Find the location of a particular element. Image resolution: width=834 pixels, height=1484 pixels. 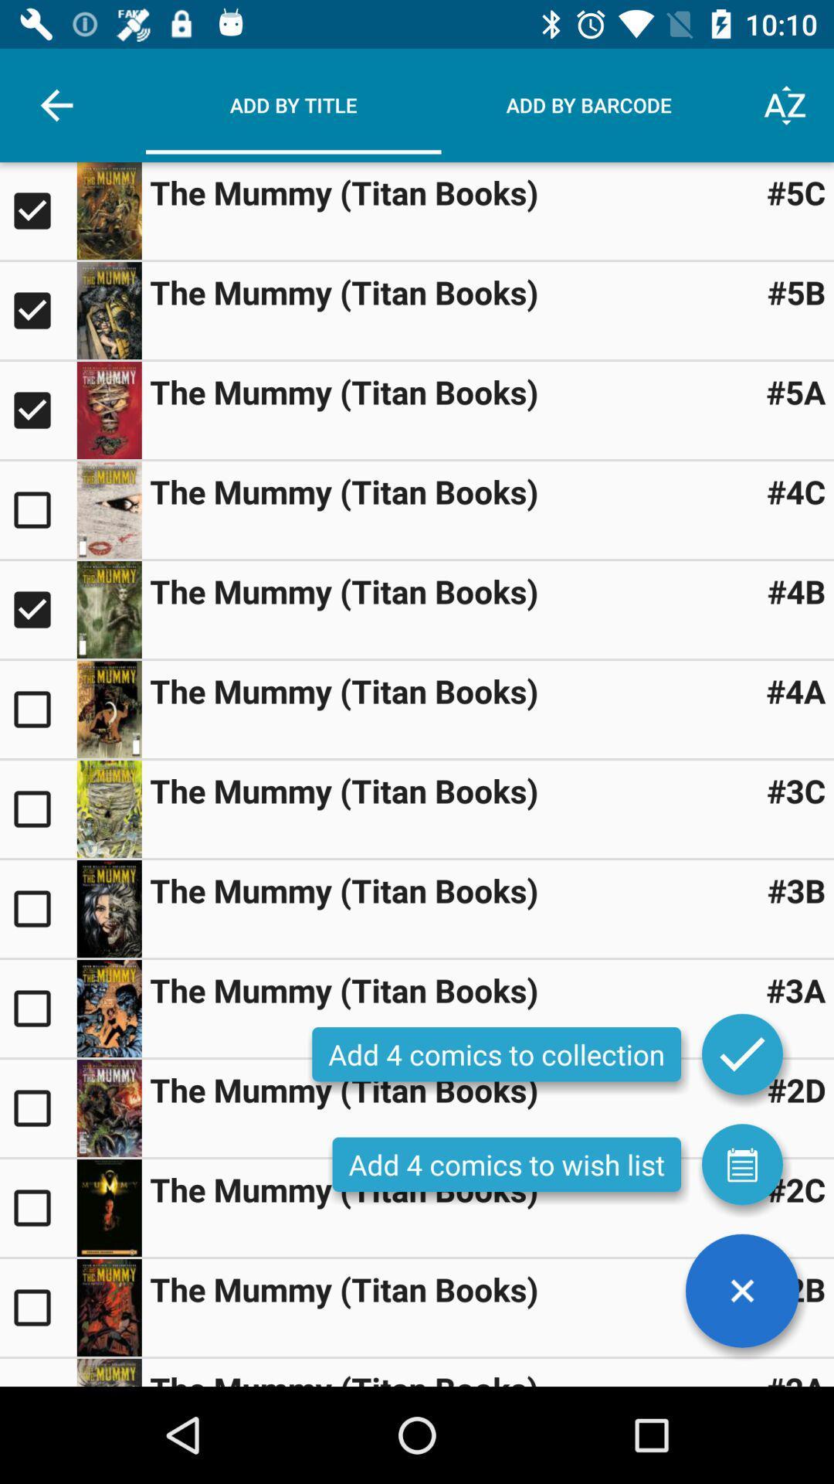

to collection is located at coordinates (741, 1053).